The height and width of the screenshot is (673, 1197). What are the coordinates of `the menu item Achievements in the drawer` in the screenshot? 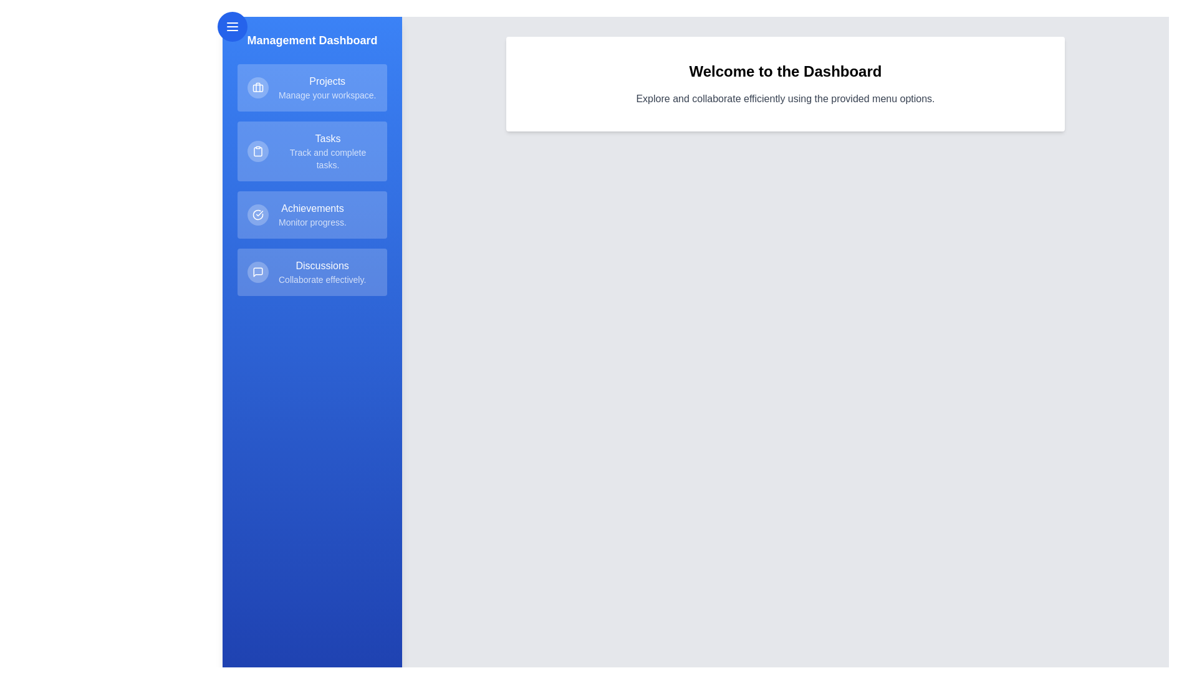 It's located at (312, 214).